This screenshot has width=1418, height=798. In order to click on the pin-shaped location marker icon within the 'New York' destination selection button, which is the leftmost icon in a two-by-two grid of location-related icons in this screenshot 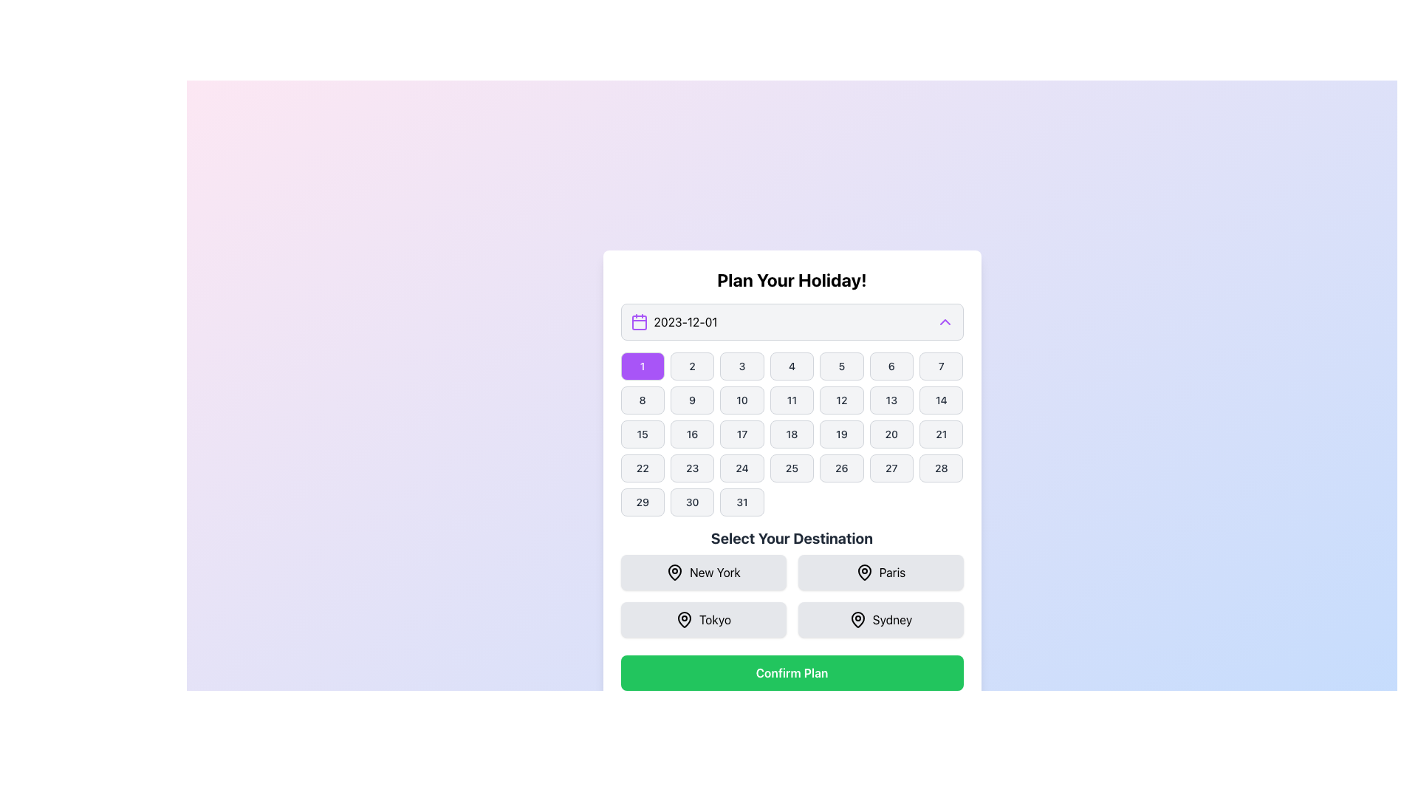, I will do `click(674, 572)`.